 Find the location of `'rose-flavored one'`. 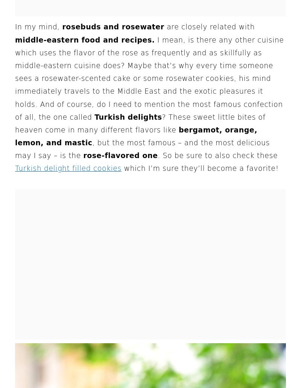

'rose-flavored one' is located at coordinates (120, 155).